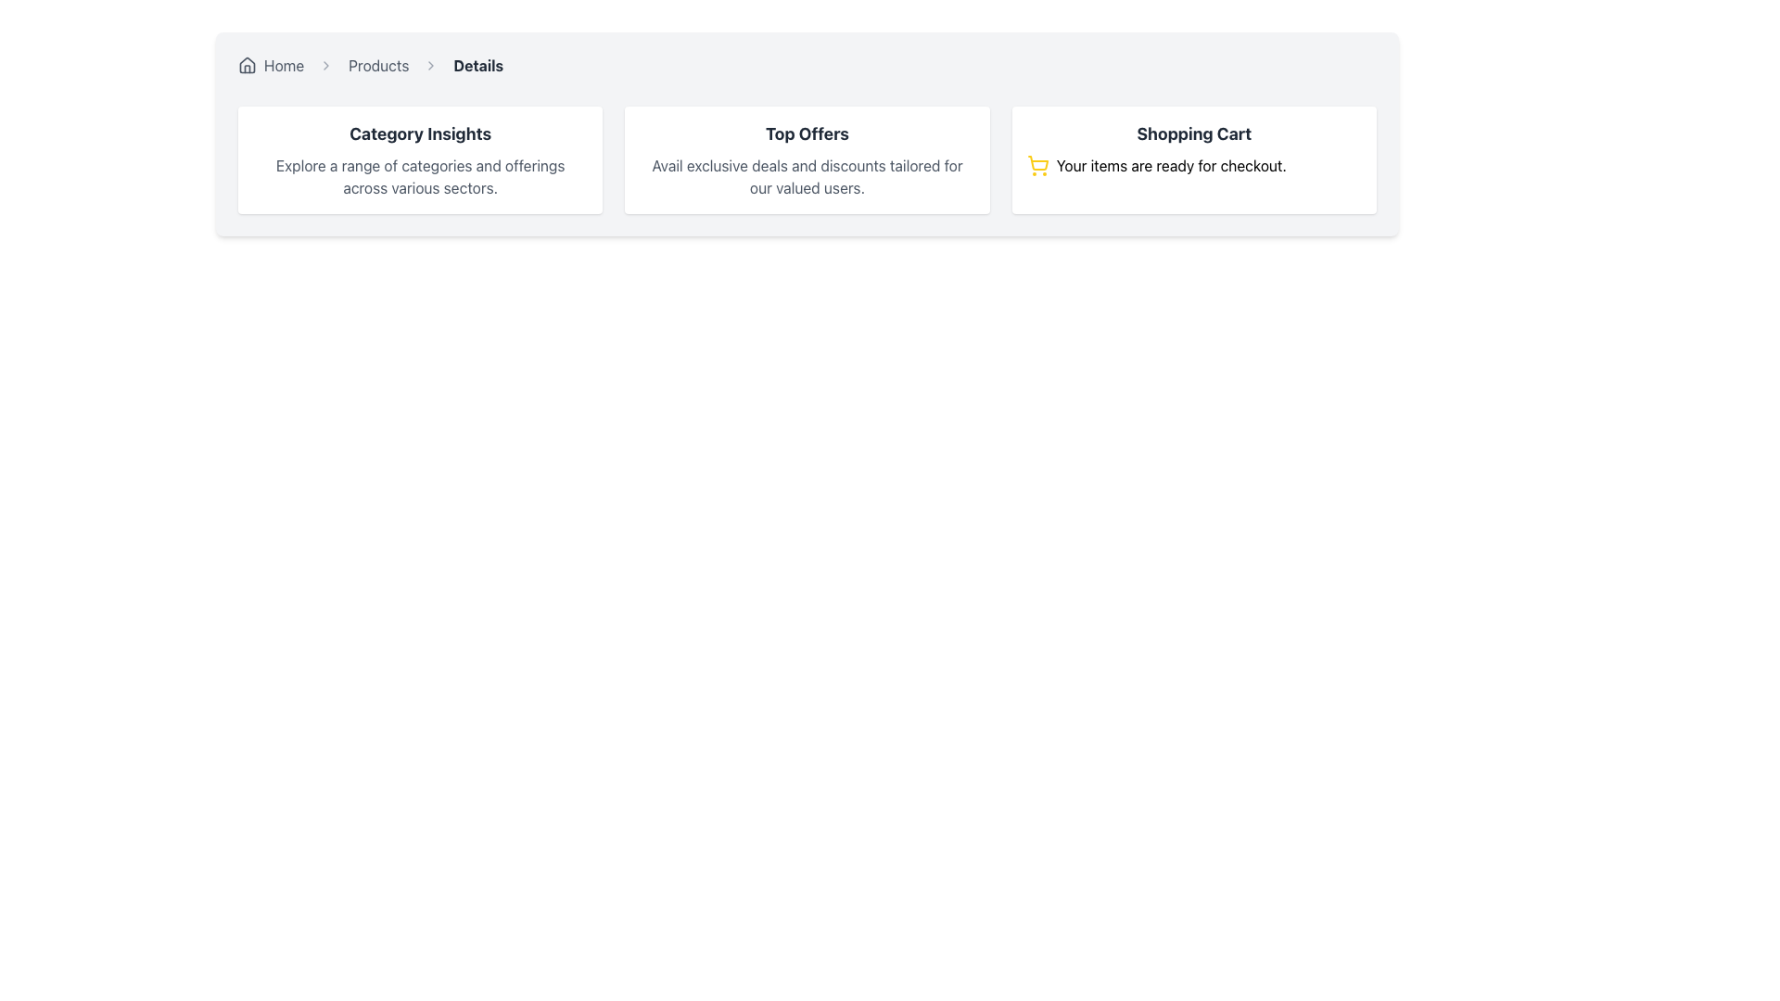  I want to click on the house-shaped icon located in the breadcrumb navigation bar, so click(247, 64).